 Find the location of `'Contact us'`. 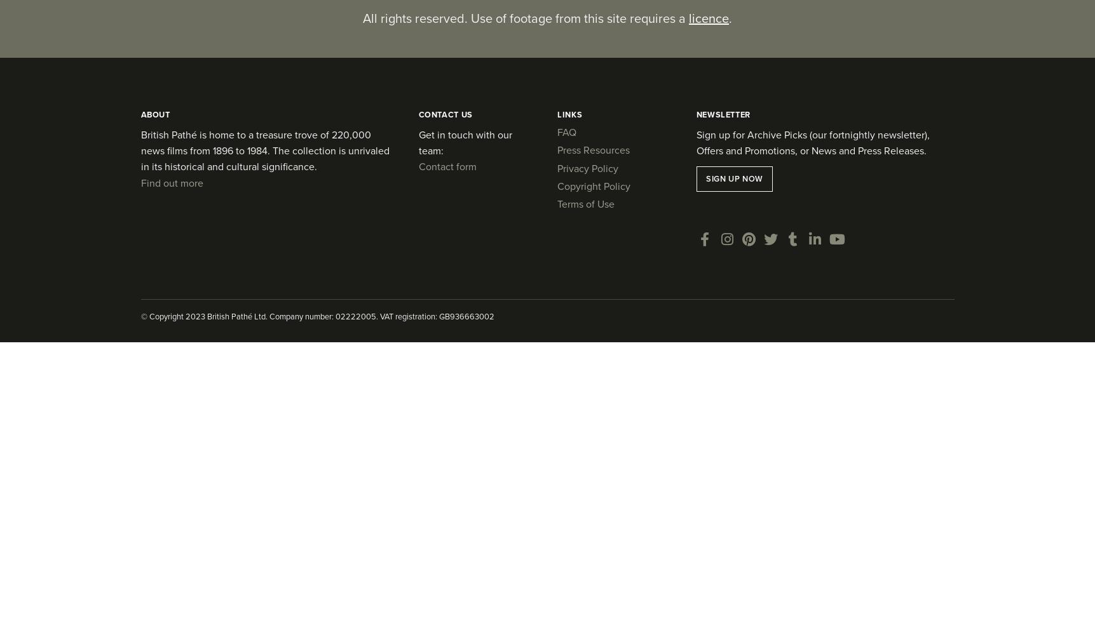

'Contact us' is located at coordinates (445, 114).